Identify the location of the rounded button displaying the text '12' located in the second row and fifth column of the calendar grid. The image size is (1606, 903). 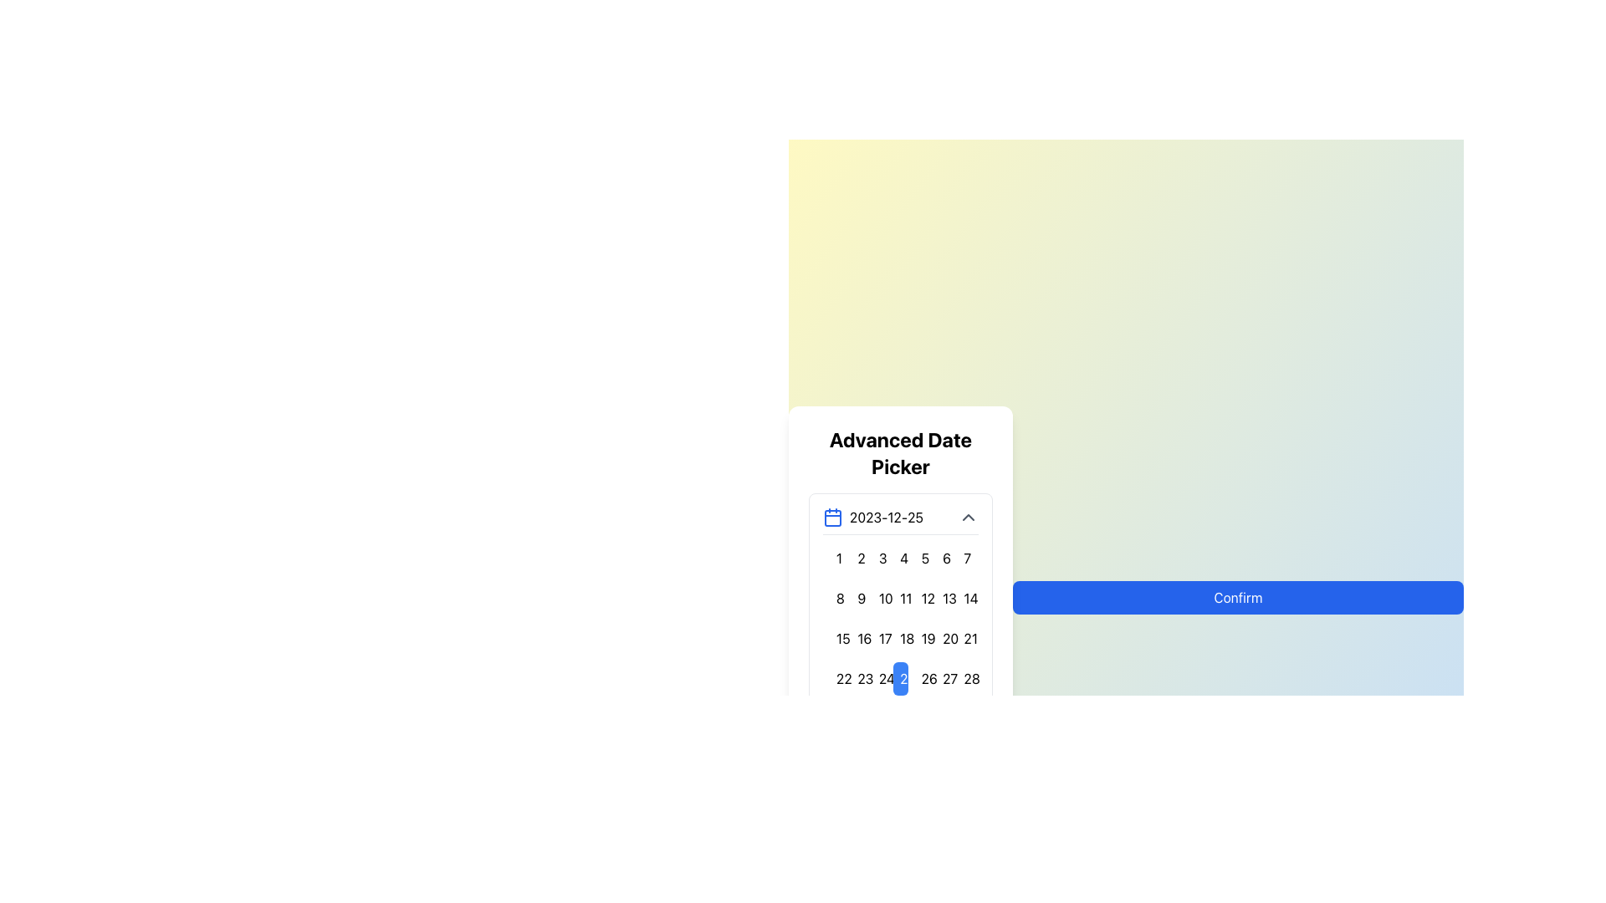
(921, 597).